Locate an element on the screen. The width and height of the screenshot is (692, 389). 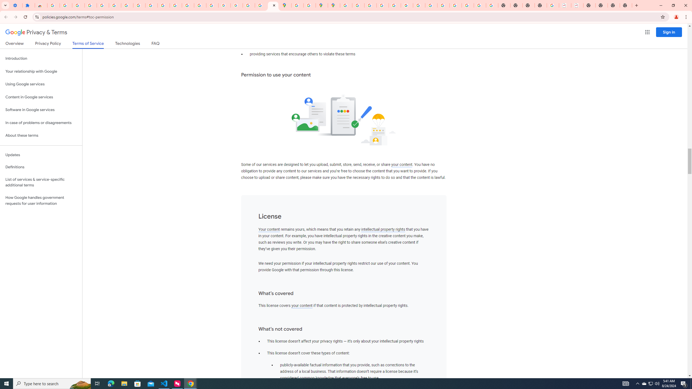
'intellectual property rights' is located at coordinates (383, 229).